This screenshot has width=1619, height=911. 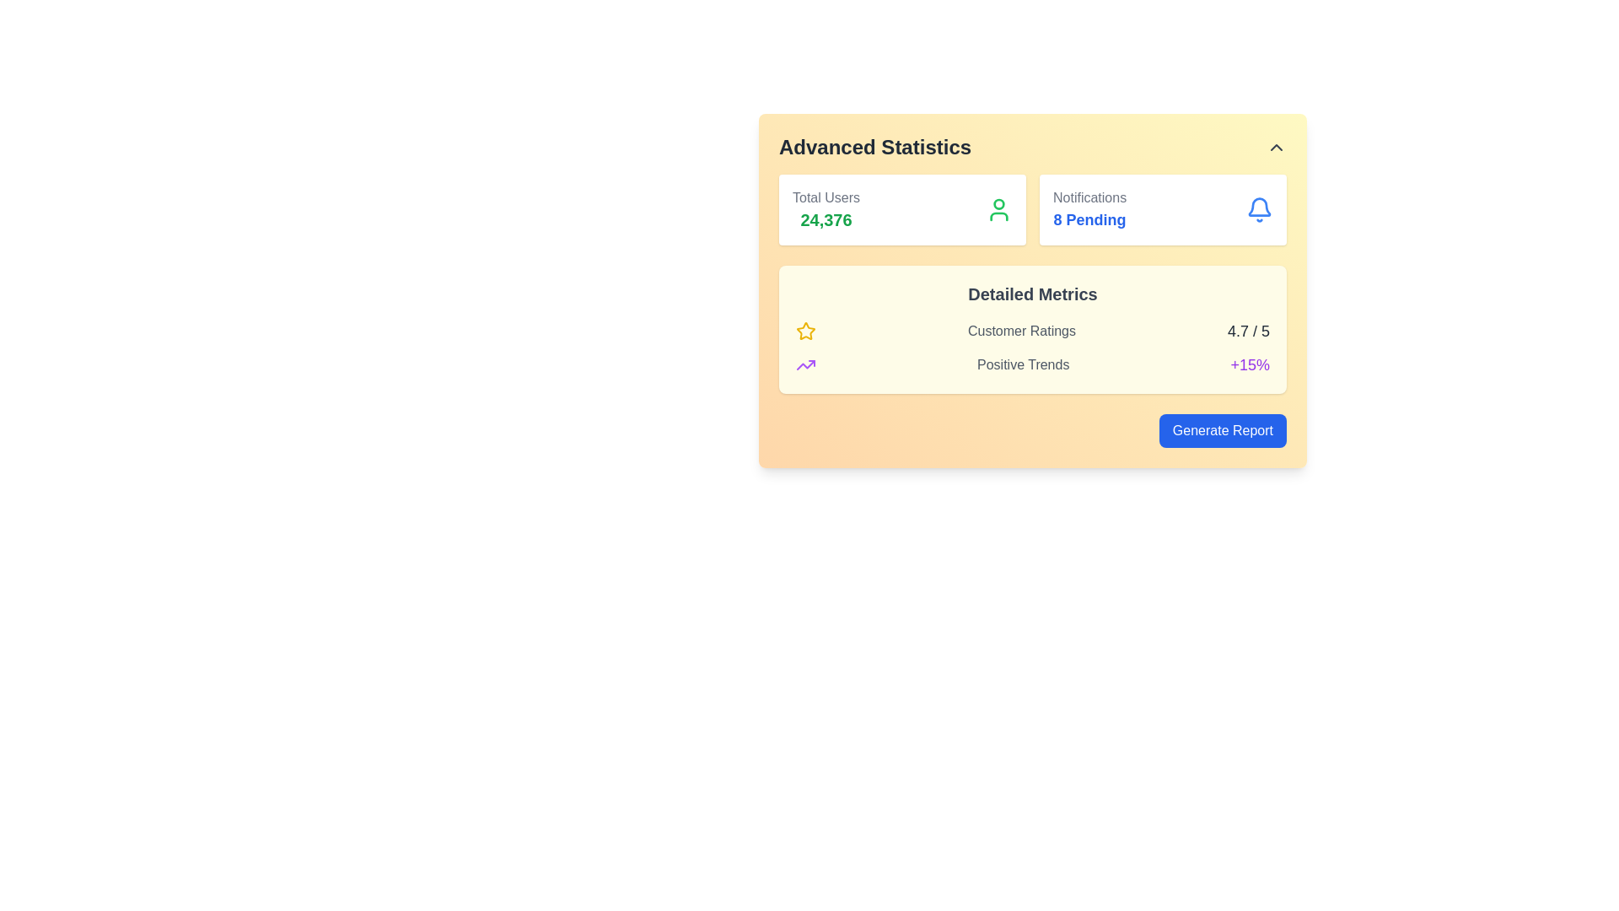 What do you see at coordinates (1089, 197) in the screenshot?
I see `the 'Notifications' text label, which is styled in gray and positioned above the '8 Pending' text within the notification summary panel of the 'Advanced Statistics' card` at bounding box center [1089, 197].